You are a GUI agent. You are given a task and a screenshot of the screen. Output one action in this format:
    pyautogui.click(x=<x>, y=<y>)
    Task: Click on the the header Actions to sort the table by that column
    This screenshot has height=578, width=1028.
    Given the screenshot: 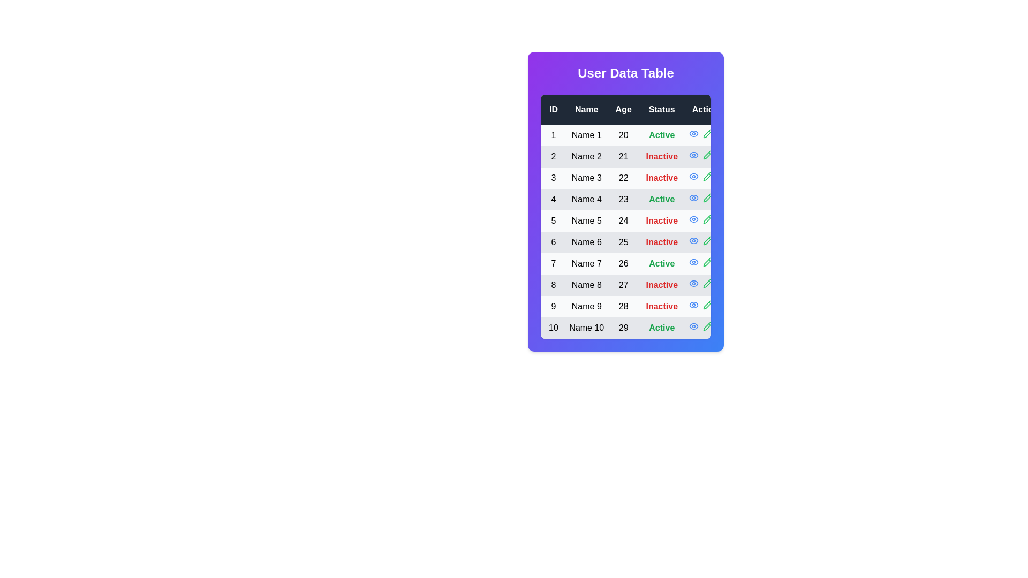 What is the action you would take?
    pyautogui.click(x=707, y=109)
    